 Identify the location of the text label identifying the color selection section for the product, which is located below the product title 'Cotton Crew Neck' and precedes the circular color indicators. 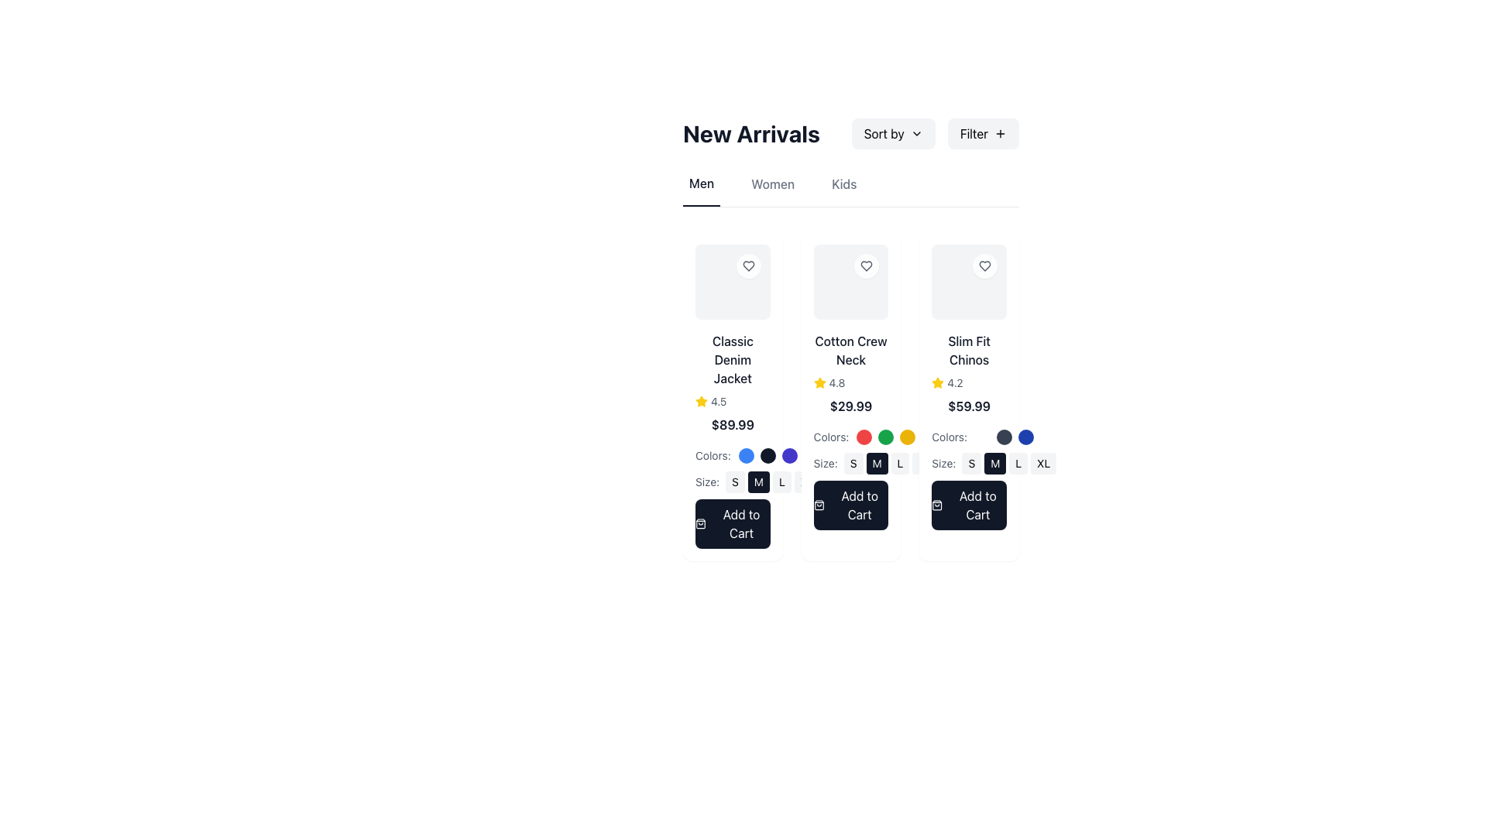
(850, 433).